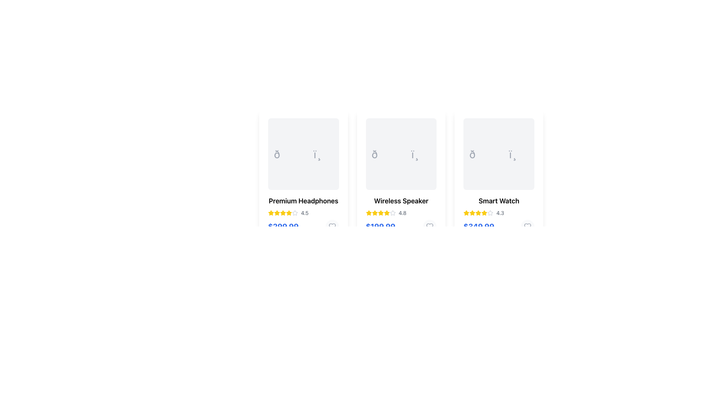 The image size is (717, 403). What do you see at coordinates (387, 213) in the screenshot?
I see `the second yellow star-shaped icon in the rating section of the 'Wireless Speaker' product display` at bounding box center [387, 213].